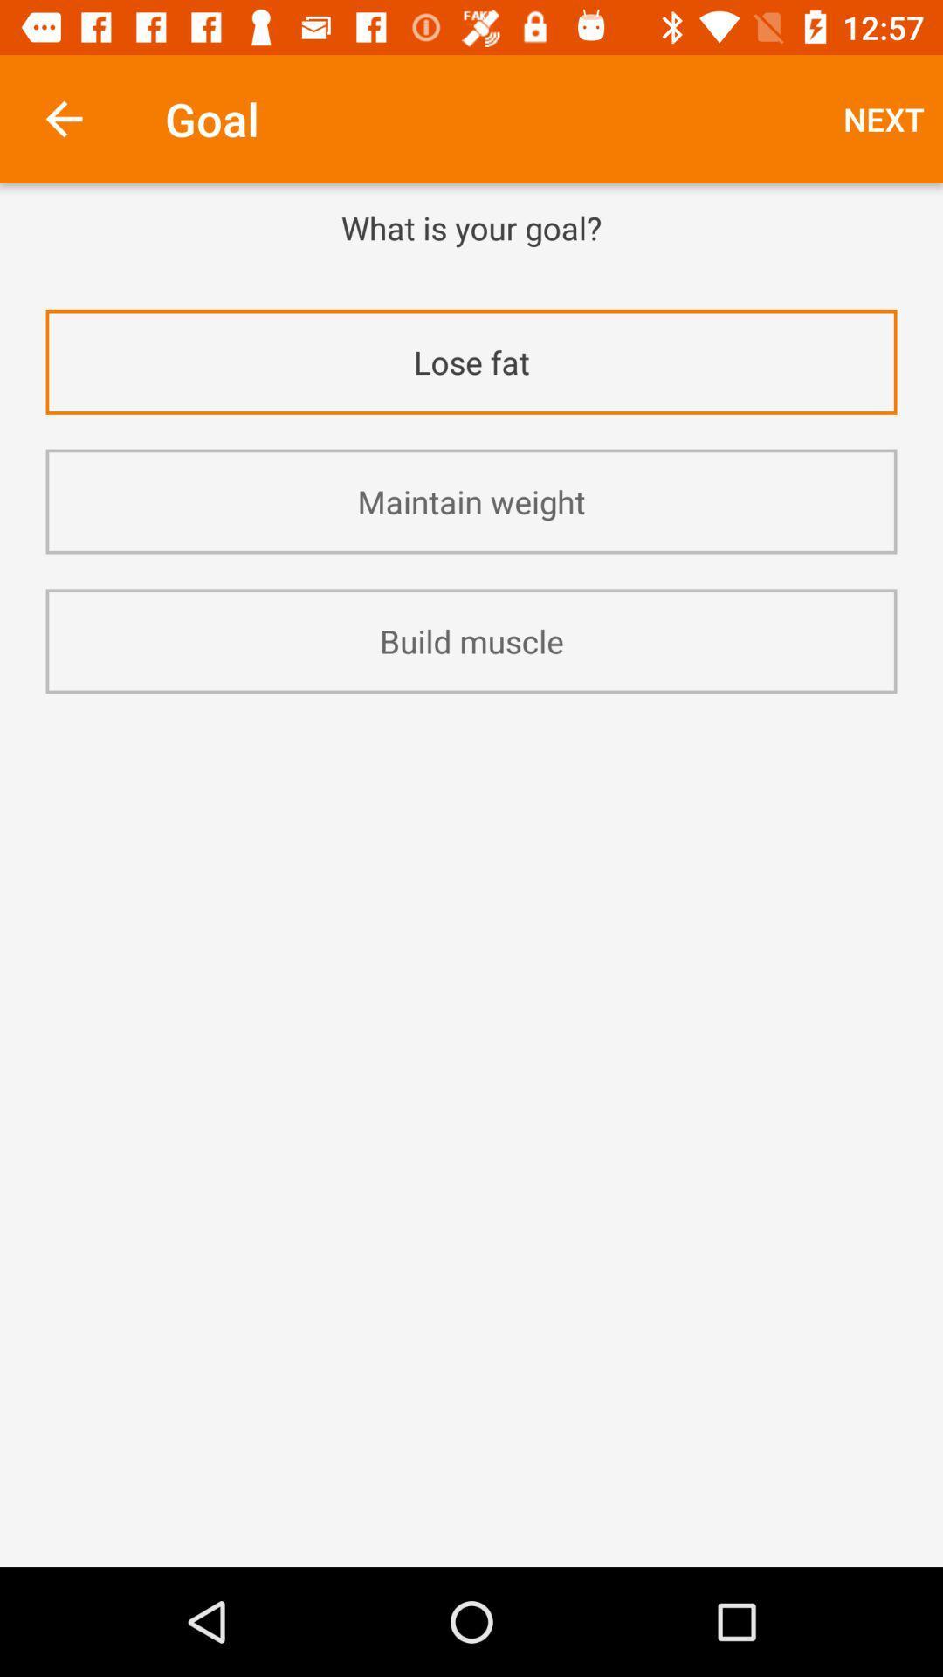  Describe the element at coordinates (884, 118) in the screenshot. I see `the next icon` at that location.